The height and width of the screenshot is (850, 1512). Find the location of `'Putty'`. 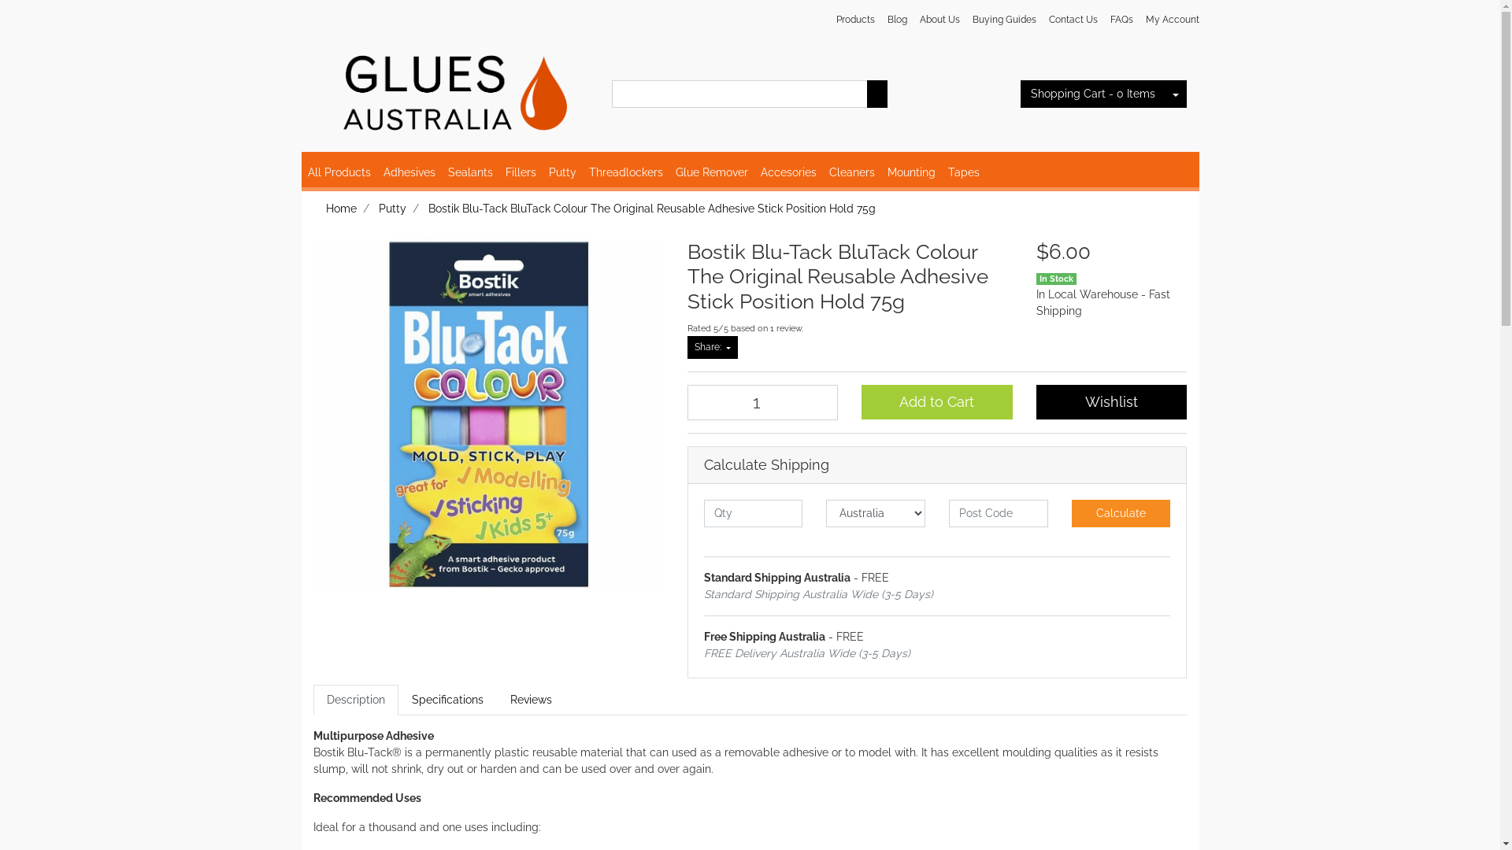

'Putty' is located at coordinates (561, 172).